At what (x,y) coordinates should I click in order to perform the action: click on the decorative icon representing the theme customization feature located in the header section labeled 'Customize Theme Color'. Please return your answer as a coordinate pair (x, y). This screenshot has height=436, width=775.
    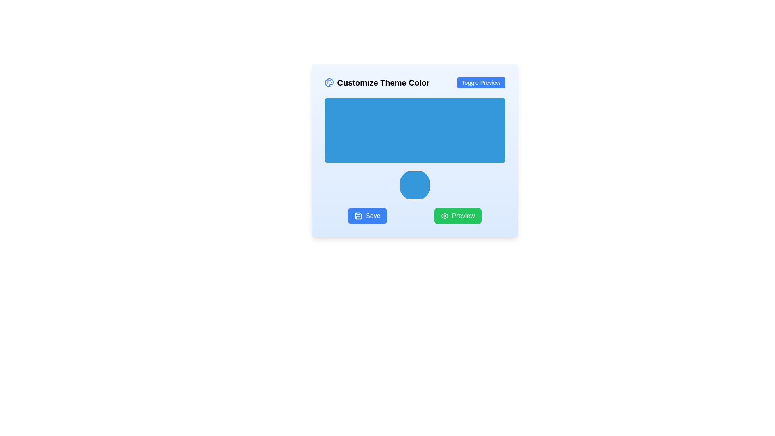
    Looking at the image, I should click on (329, 82).